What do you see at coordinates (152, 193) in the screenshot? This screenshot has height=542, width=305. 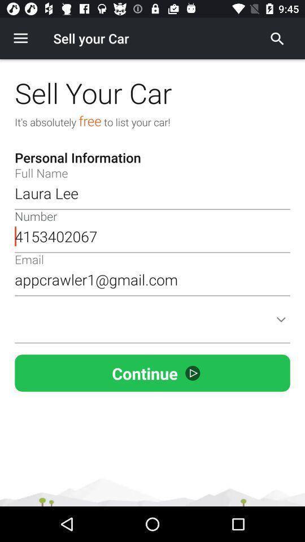 I see `laura lee item` at bounding box center [152, 193].